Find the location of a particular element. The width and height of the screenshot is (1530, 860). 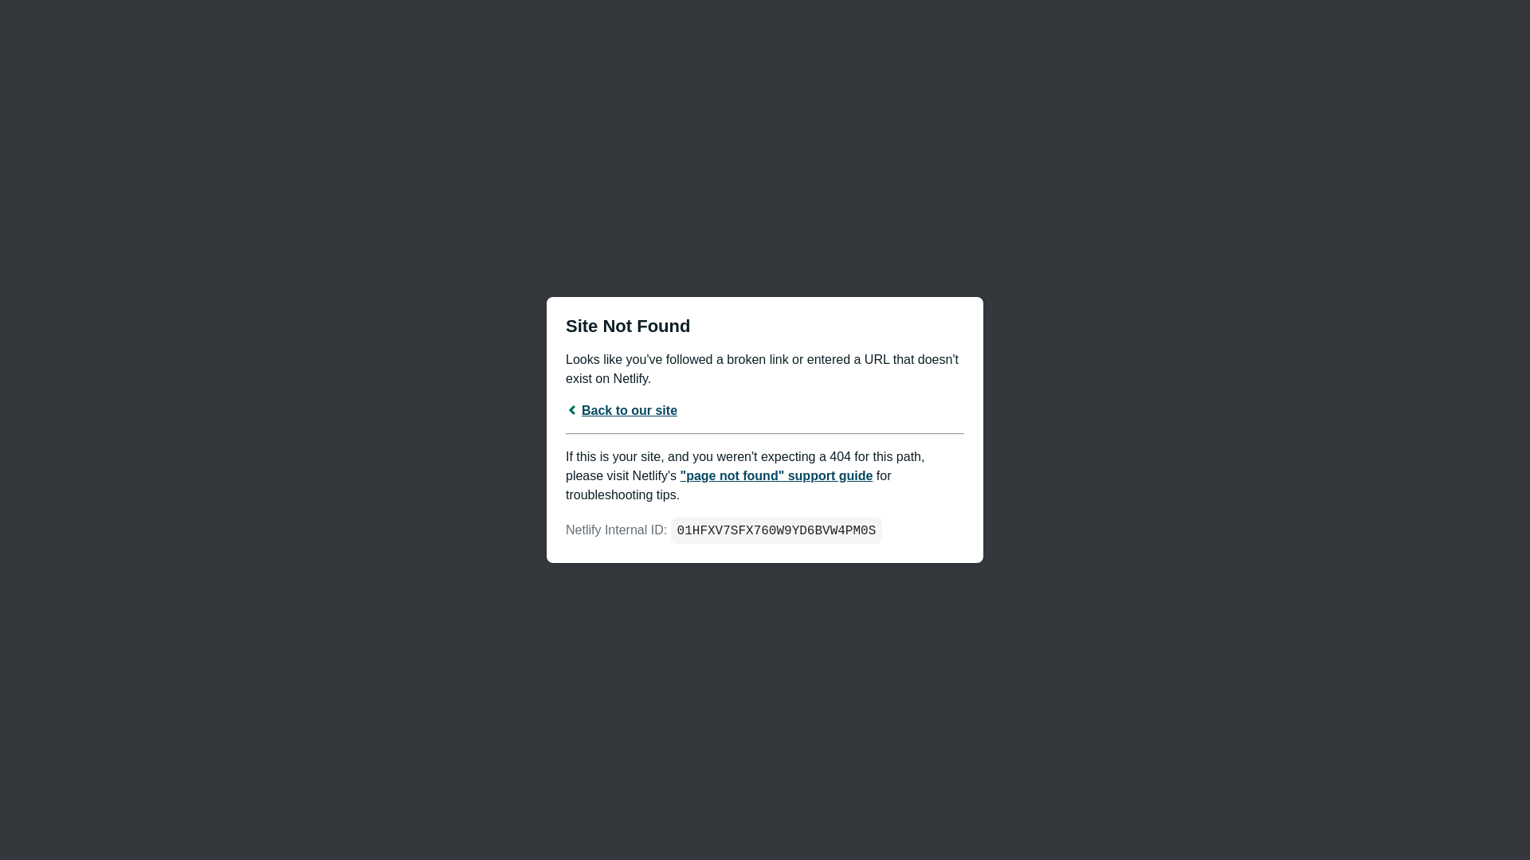

'Back to our site' is located at coordinates (620, 409).